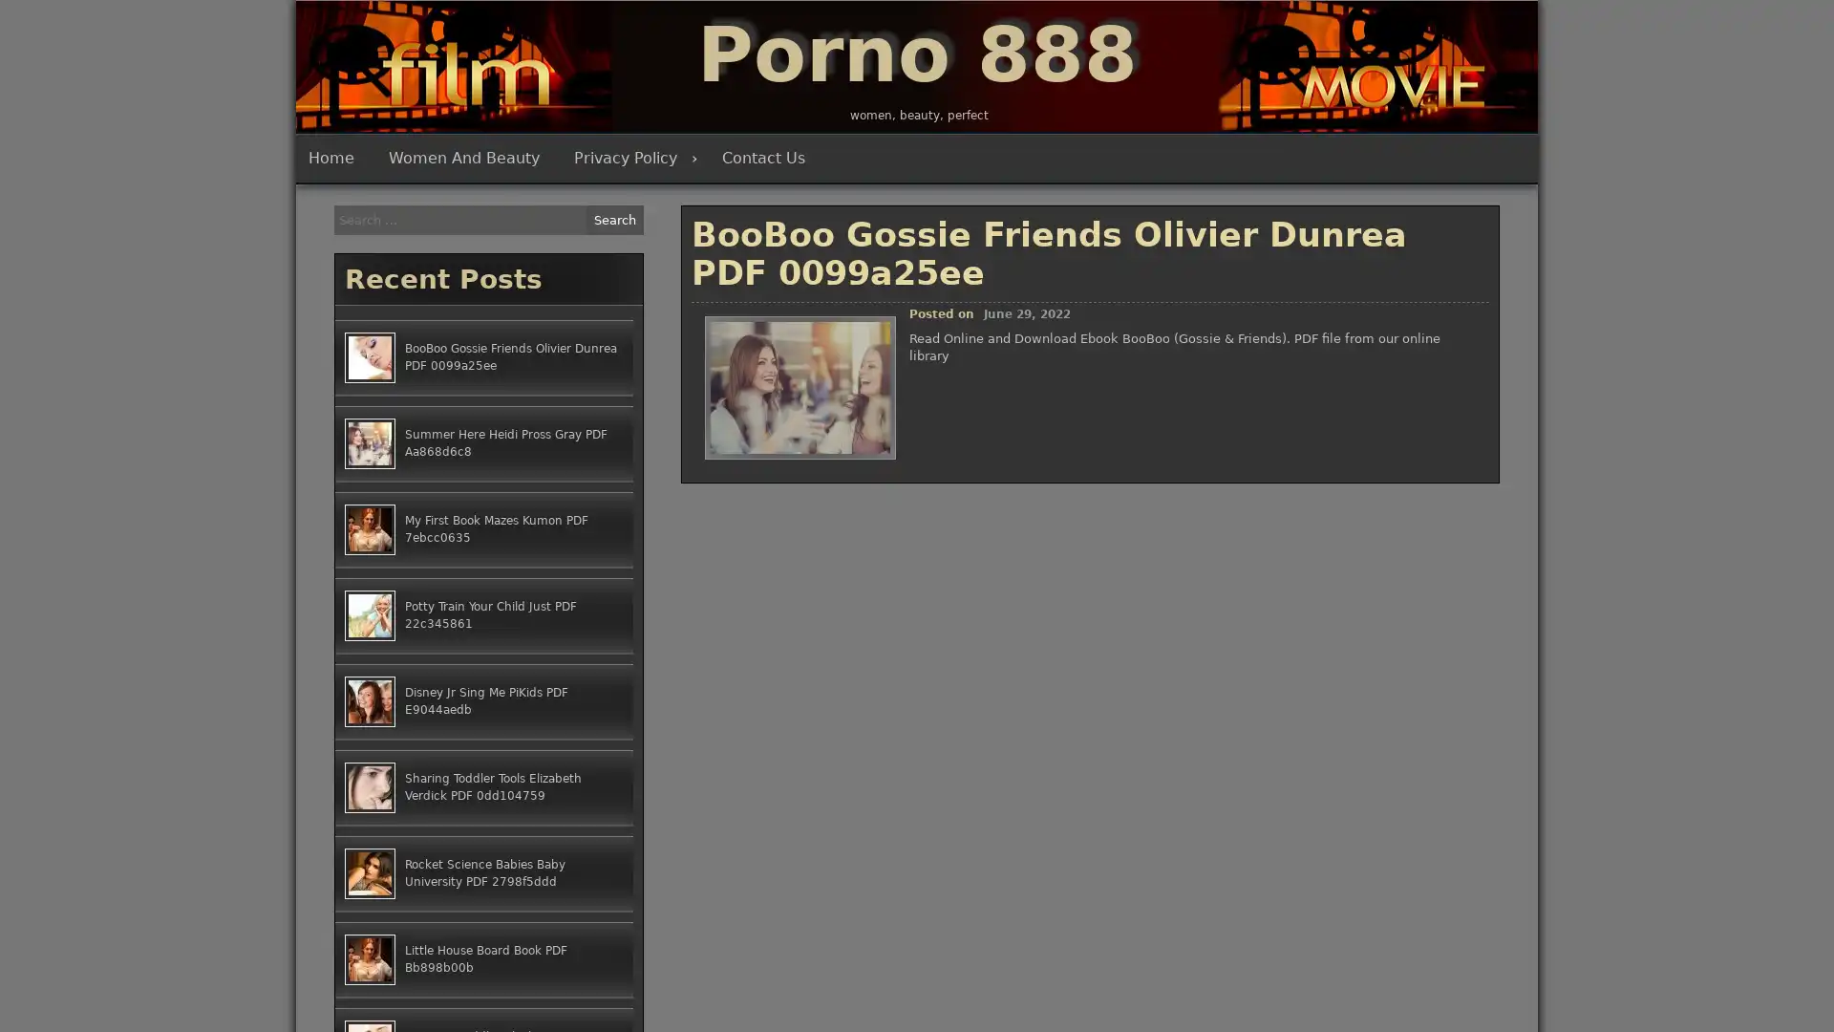 Image resolution: width=1834 pixels, height=1032 pixels. I want to click on Search, so click(614, 219).